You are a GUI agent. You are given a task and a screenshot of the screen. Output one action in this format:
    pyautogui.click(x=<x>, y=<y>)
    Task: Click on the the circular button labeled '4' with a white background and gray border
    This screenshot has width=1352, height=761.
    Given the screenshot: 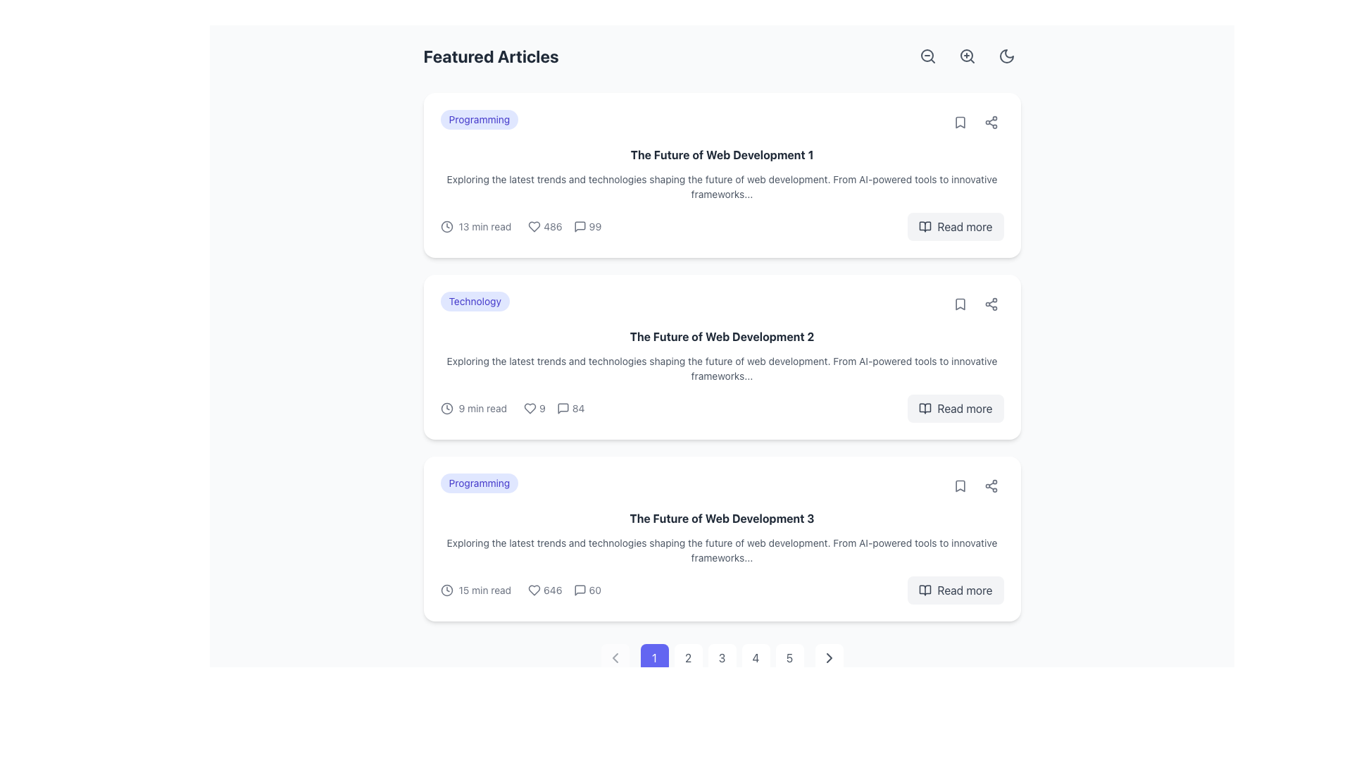 What is the action you would take?
    pyautogui.click(x=755, y=657)
    